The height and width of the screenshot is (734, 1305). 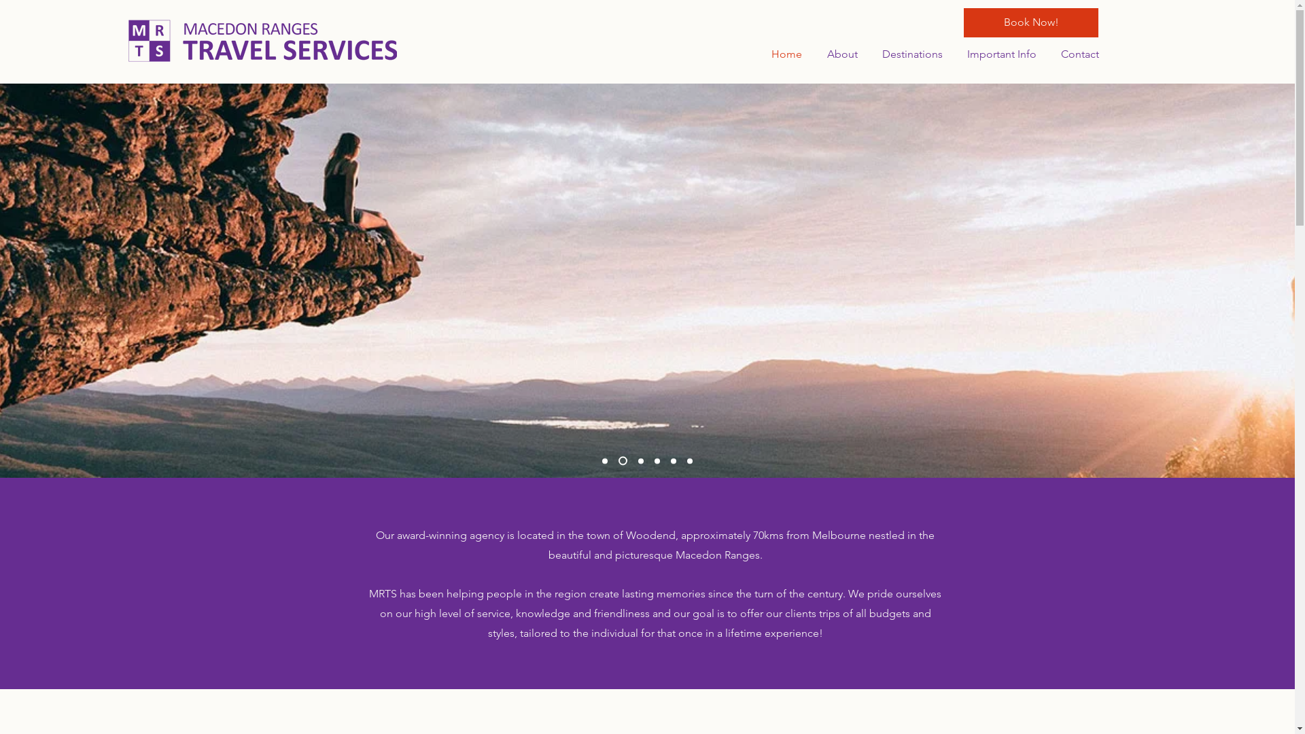 I want to click on 'Important Info', so click(x=999, y=54).